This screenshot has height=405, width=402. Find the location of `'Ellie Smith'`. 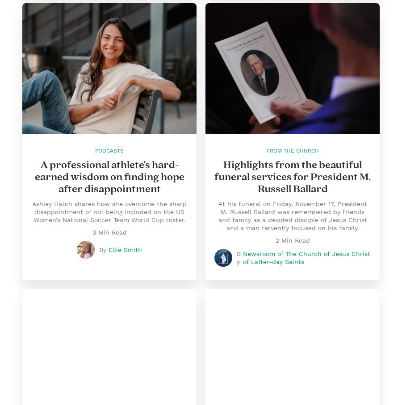

'Ellie Smith' is located at coordinates (125, 249).